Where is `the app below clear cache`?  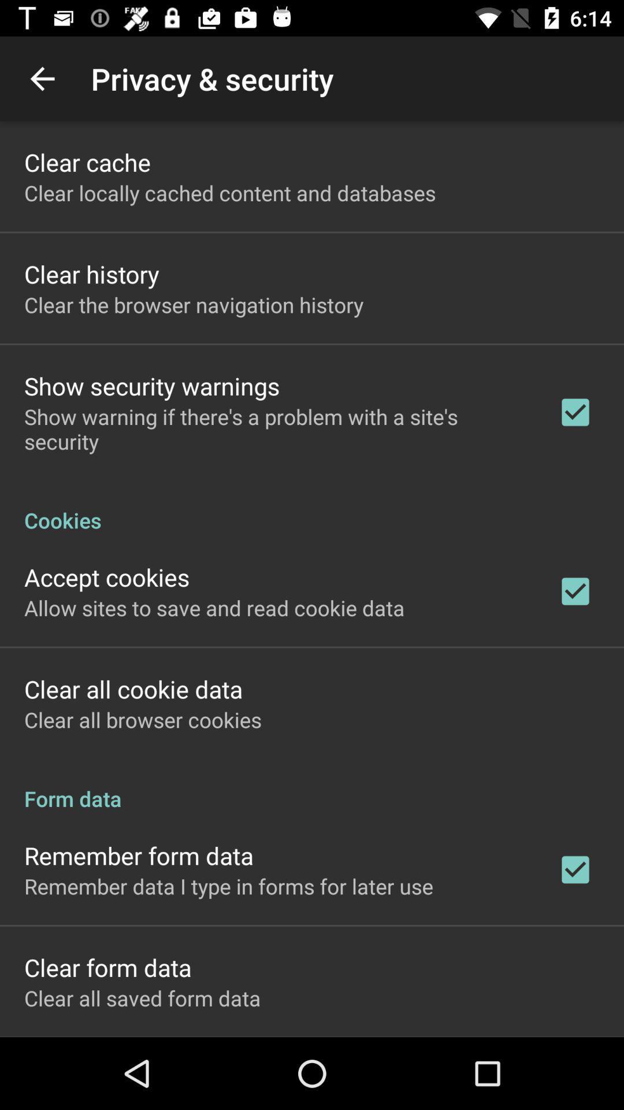 the app below clear cache is located at coordinates (230, 193).